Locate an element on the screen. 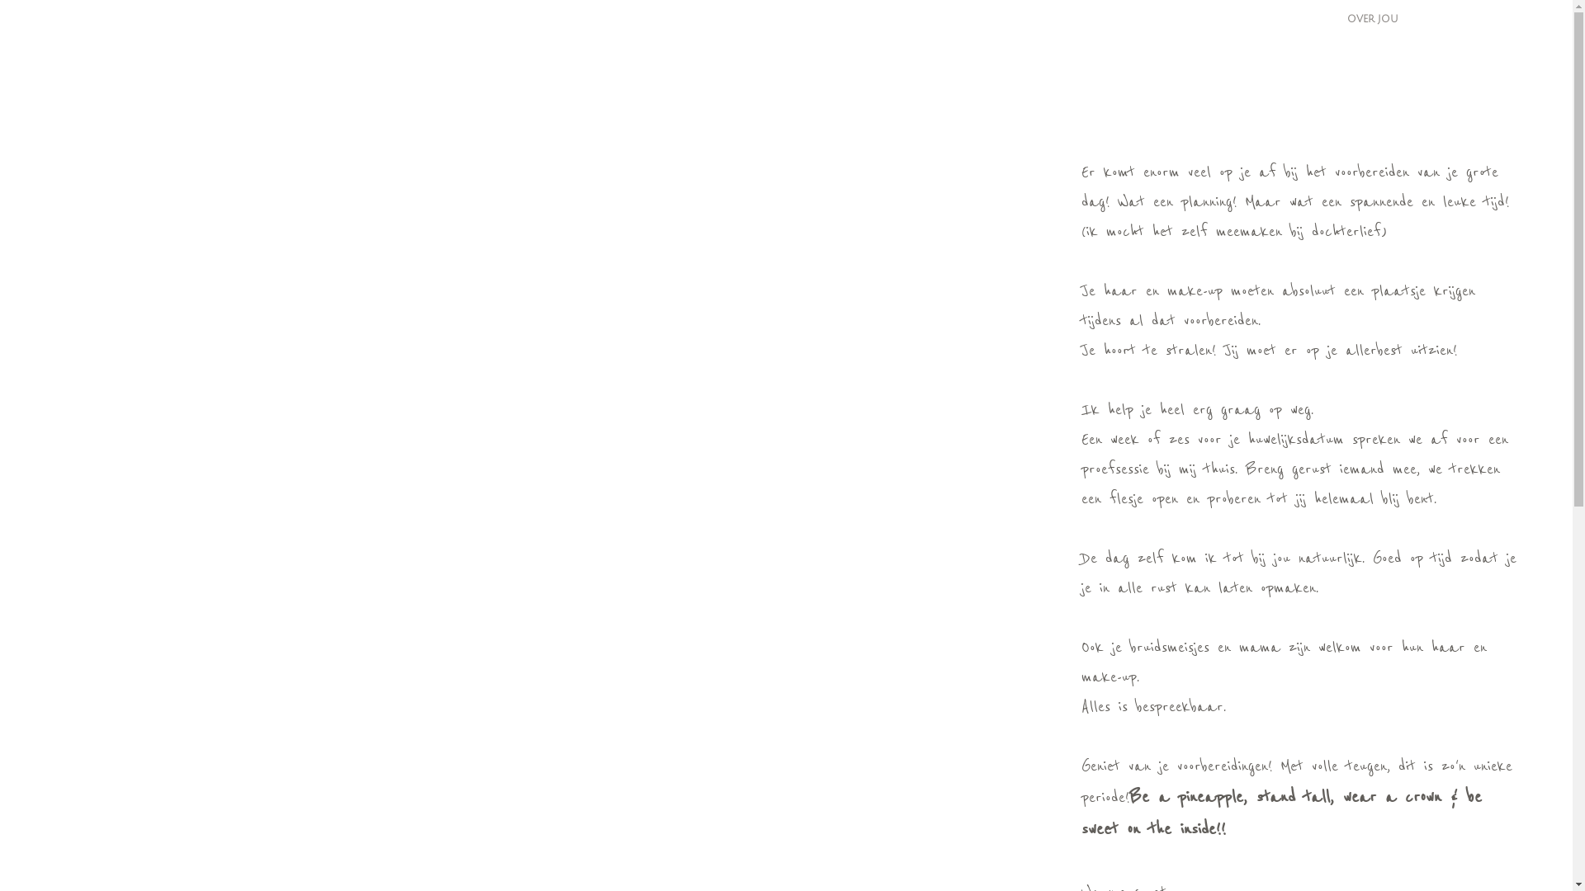  'OVER JOU' is located at coordinates (1322, 19).